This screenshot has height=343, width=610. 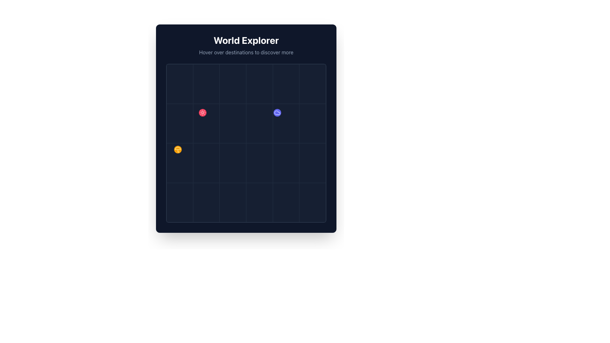 What do you see at coordinates (184, 149) in the screenshot?
I see `the circular button with an amber-yellow background and white umbrella symbol, located in the lower-left position of the 'World Explorer' grid` at bounding box center [184, 149].